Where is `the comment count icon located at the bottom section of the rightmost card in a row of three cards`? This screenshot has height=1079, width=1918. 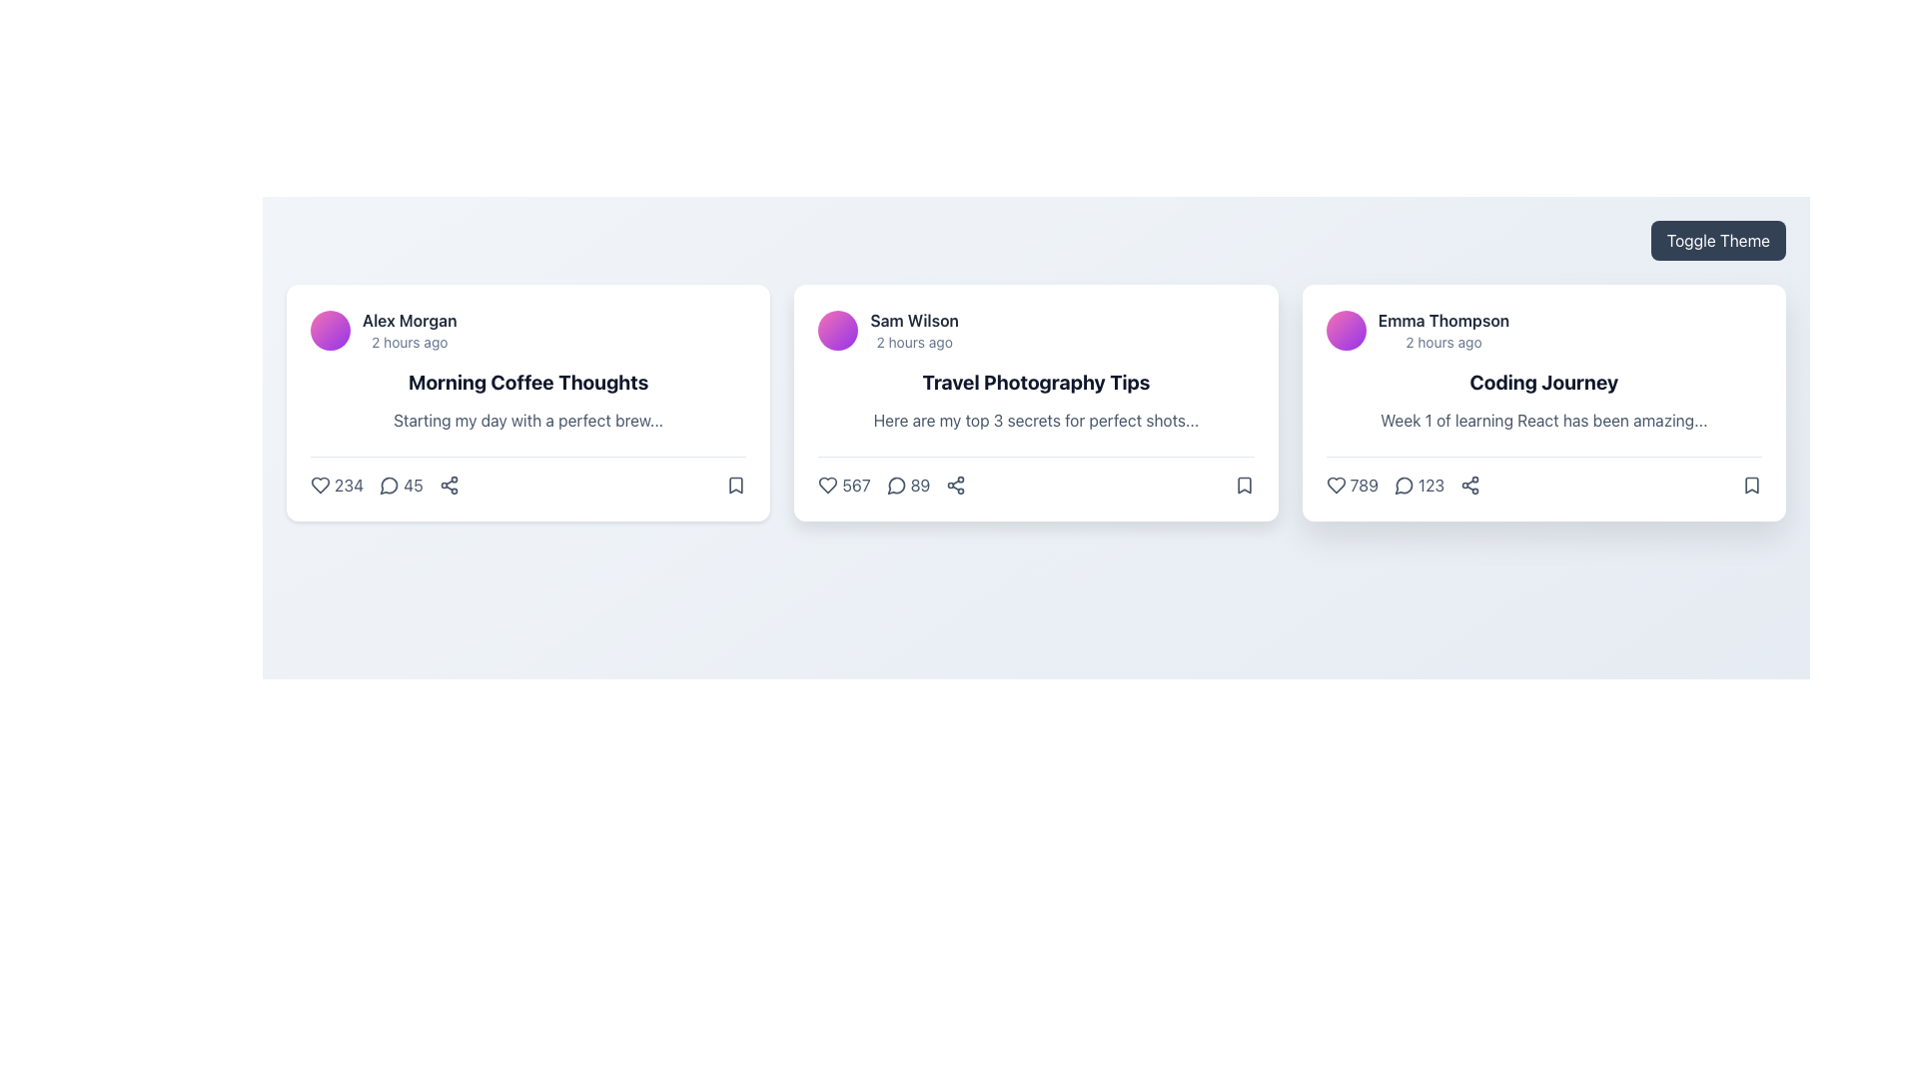 the comment count icon located at the bottom section of the rightmost card in a row of three cards is located at coordinates (1419, 486).